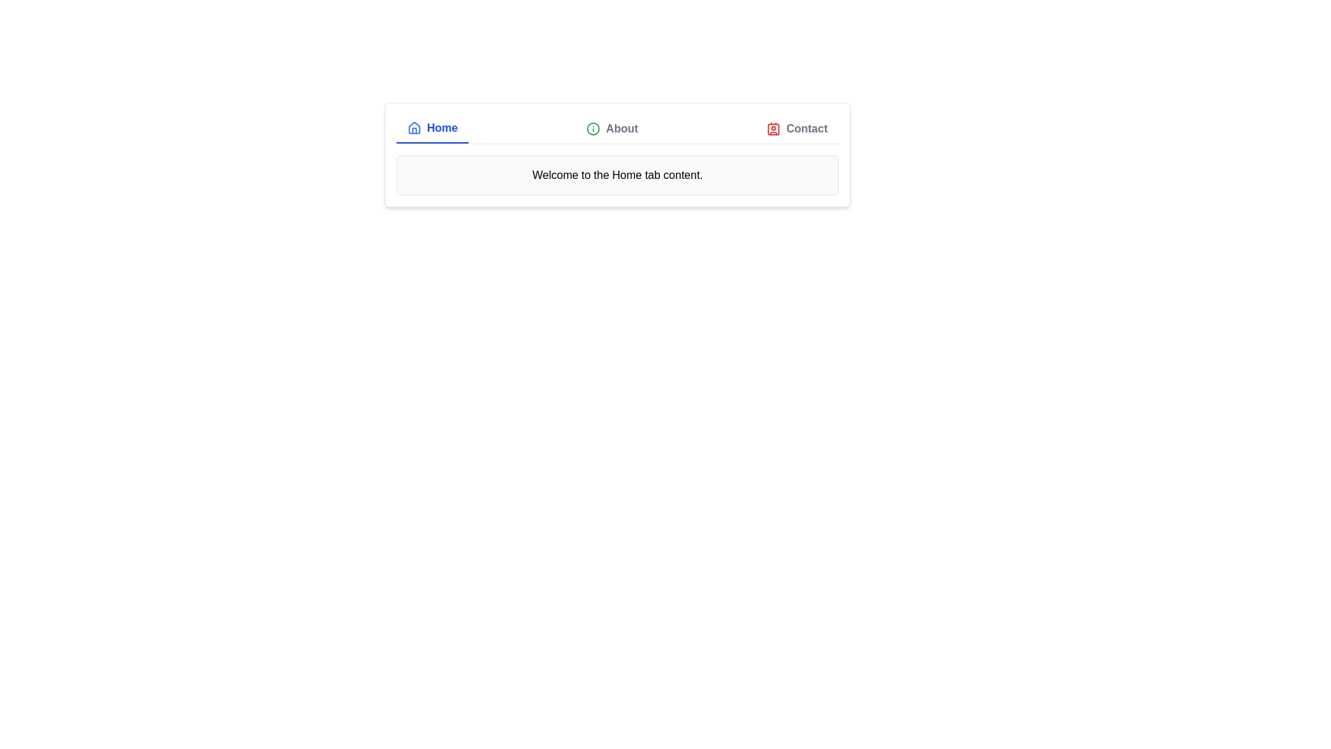 This screenshot has width=1331, height=749. Describe the element at coordinates (611, 128) in the screenshot. I see `the 'About' navigation tab located centrally in the navigation bar, positioned between the 'Home' and 'Contact' tabs` at that location.